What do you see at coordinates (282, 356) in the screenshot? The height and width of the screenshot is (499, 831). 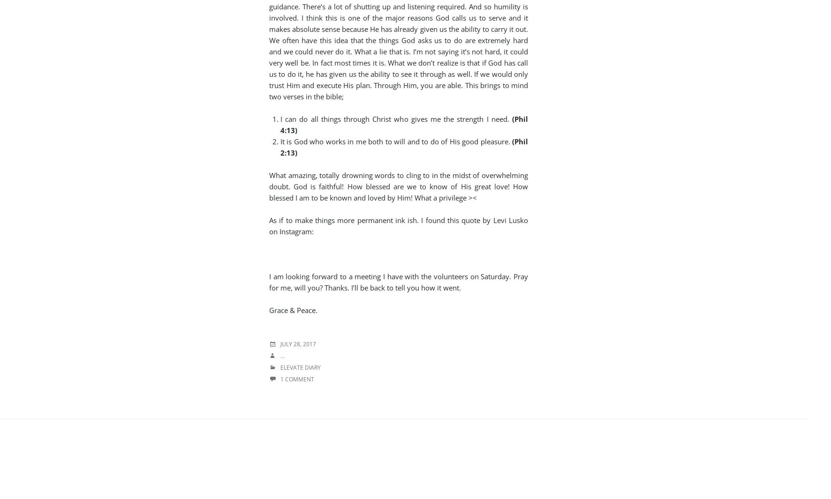 I see `'...'` at bounding box center [282, 356].